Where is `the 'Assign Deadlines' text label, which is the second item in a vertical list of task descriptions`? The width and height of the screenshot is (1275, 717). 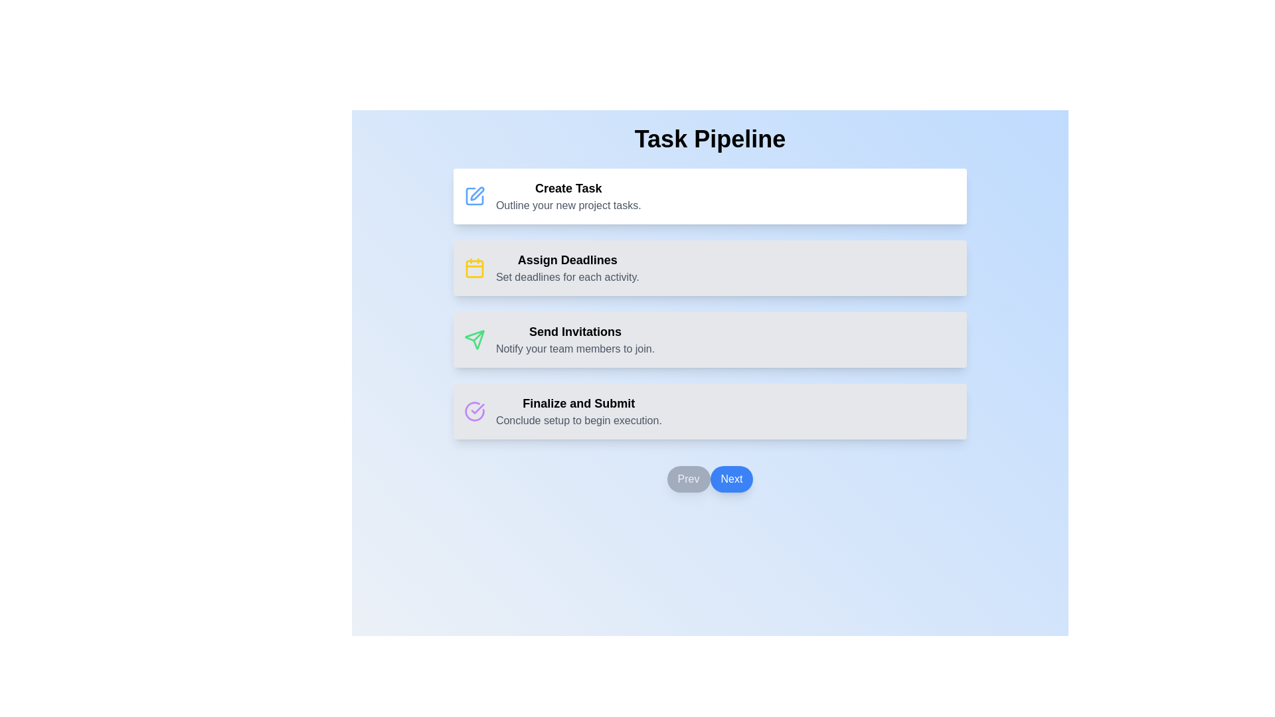
the 'Assign Deadlines' text label, which is the second item in a vertical list of task descriptions is located at coordinates (567, 268).